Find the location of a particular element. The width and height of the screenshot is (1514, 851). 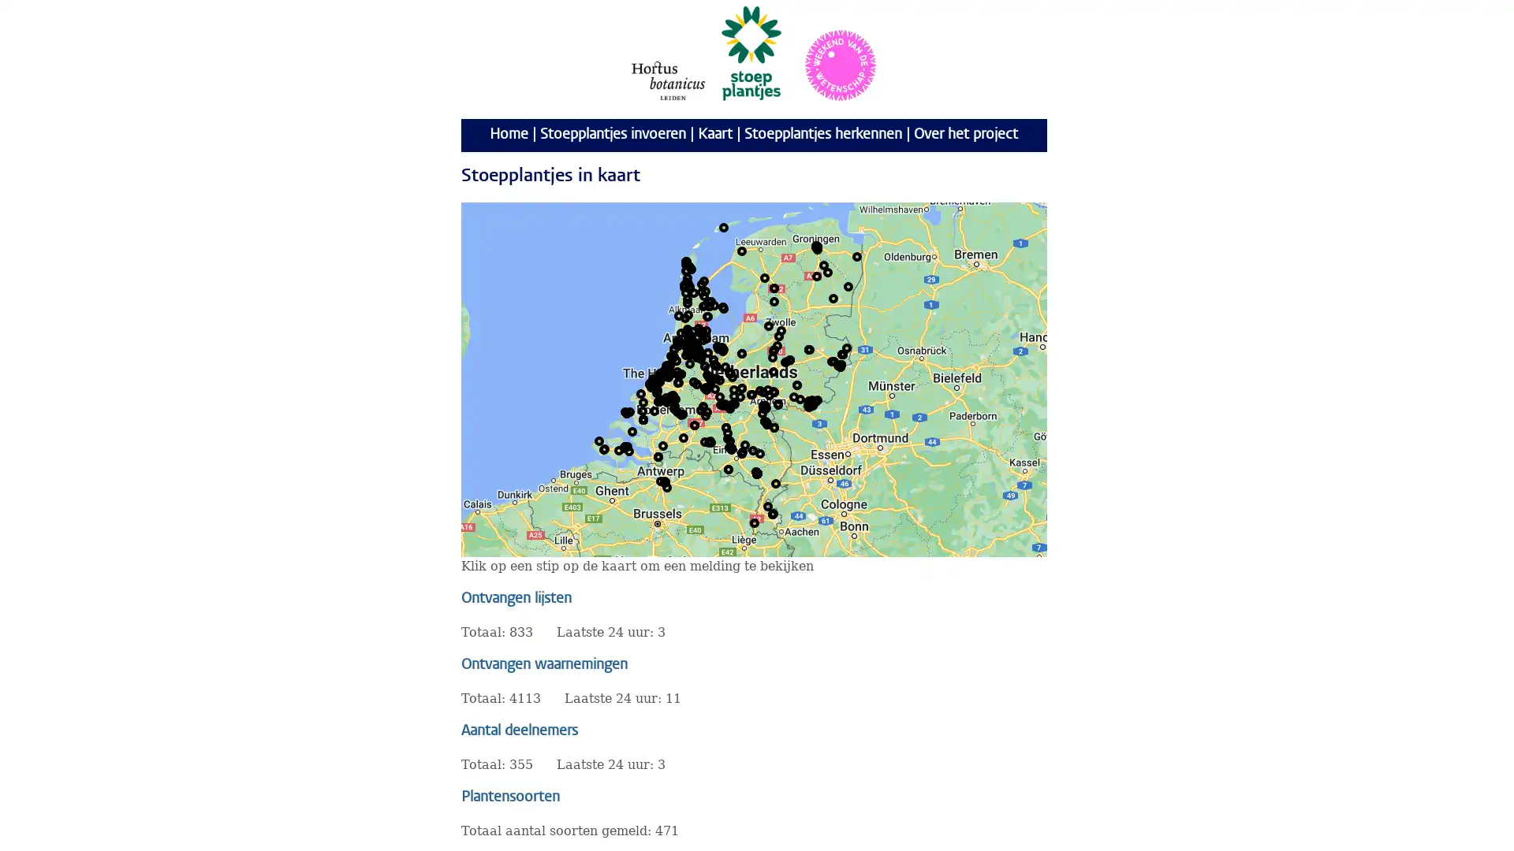

Telling van Boy op 01 november 2021 is located at coordinates (707, 373).